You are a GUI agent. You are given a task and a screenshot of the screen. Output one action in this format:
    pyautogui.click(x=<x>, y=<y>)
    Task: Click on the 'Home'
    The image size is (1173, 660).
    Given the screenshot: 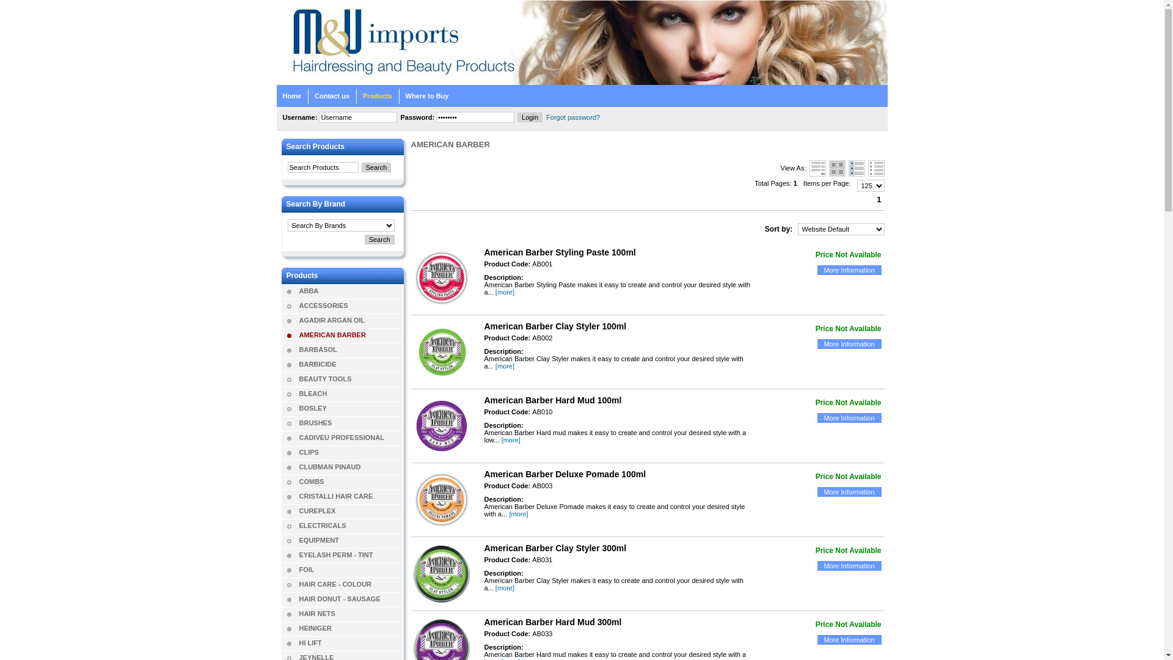 What is the action you would take?
    pyautogui.click(x=275, y=95)
    